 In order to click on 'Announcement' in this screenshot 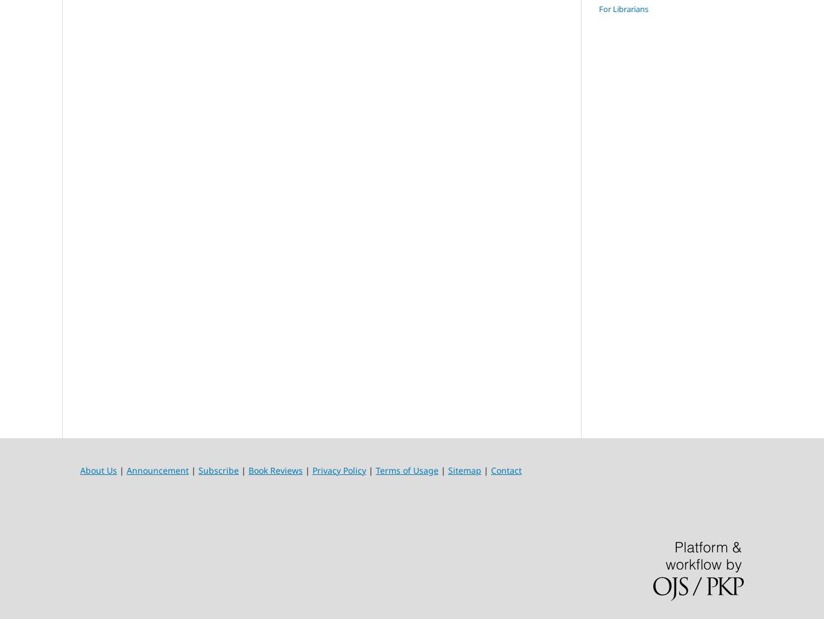, I will do `click(125, 470)`.